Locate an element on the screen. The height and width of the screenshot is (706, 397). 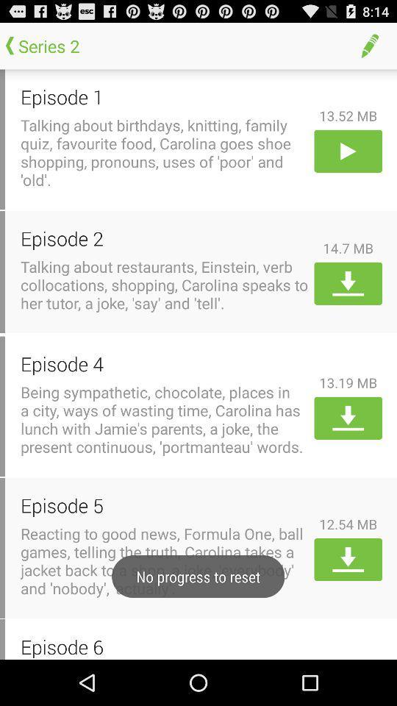
to download is located at coordinates (347, 559).